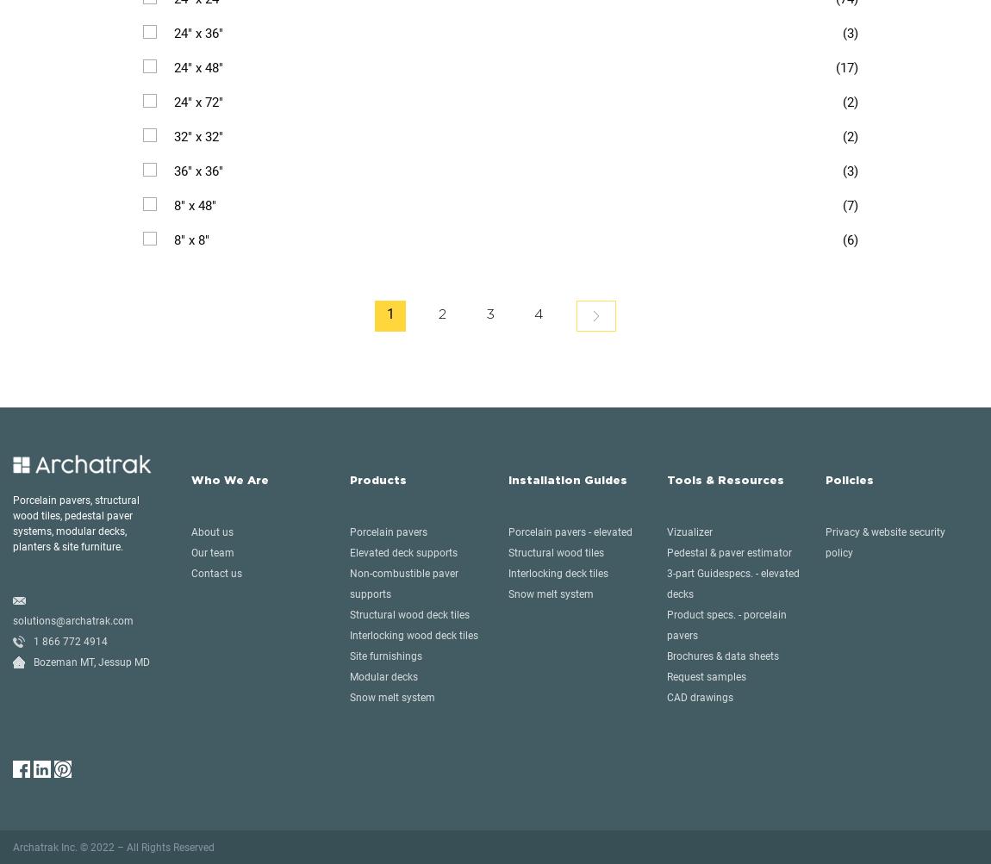  What do you see at coordinates (725, 479) in the screenshot?
I see `'Tools & Resources'` at bounding box center [725, 479].